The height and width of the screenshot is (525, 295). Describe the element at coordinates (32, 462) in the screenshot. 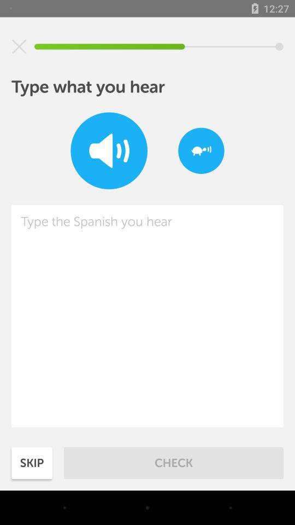

I see `the skip icon` at that location.